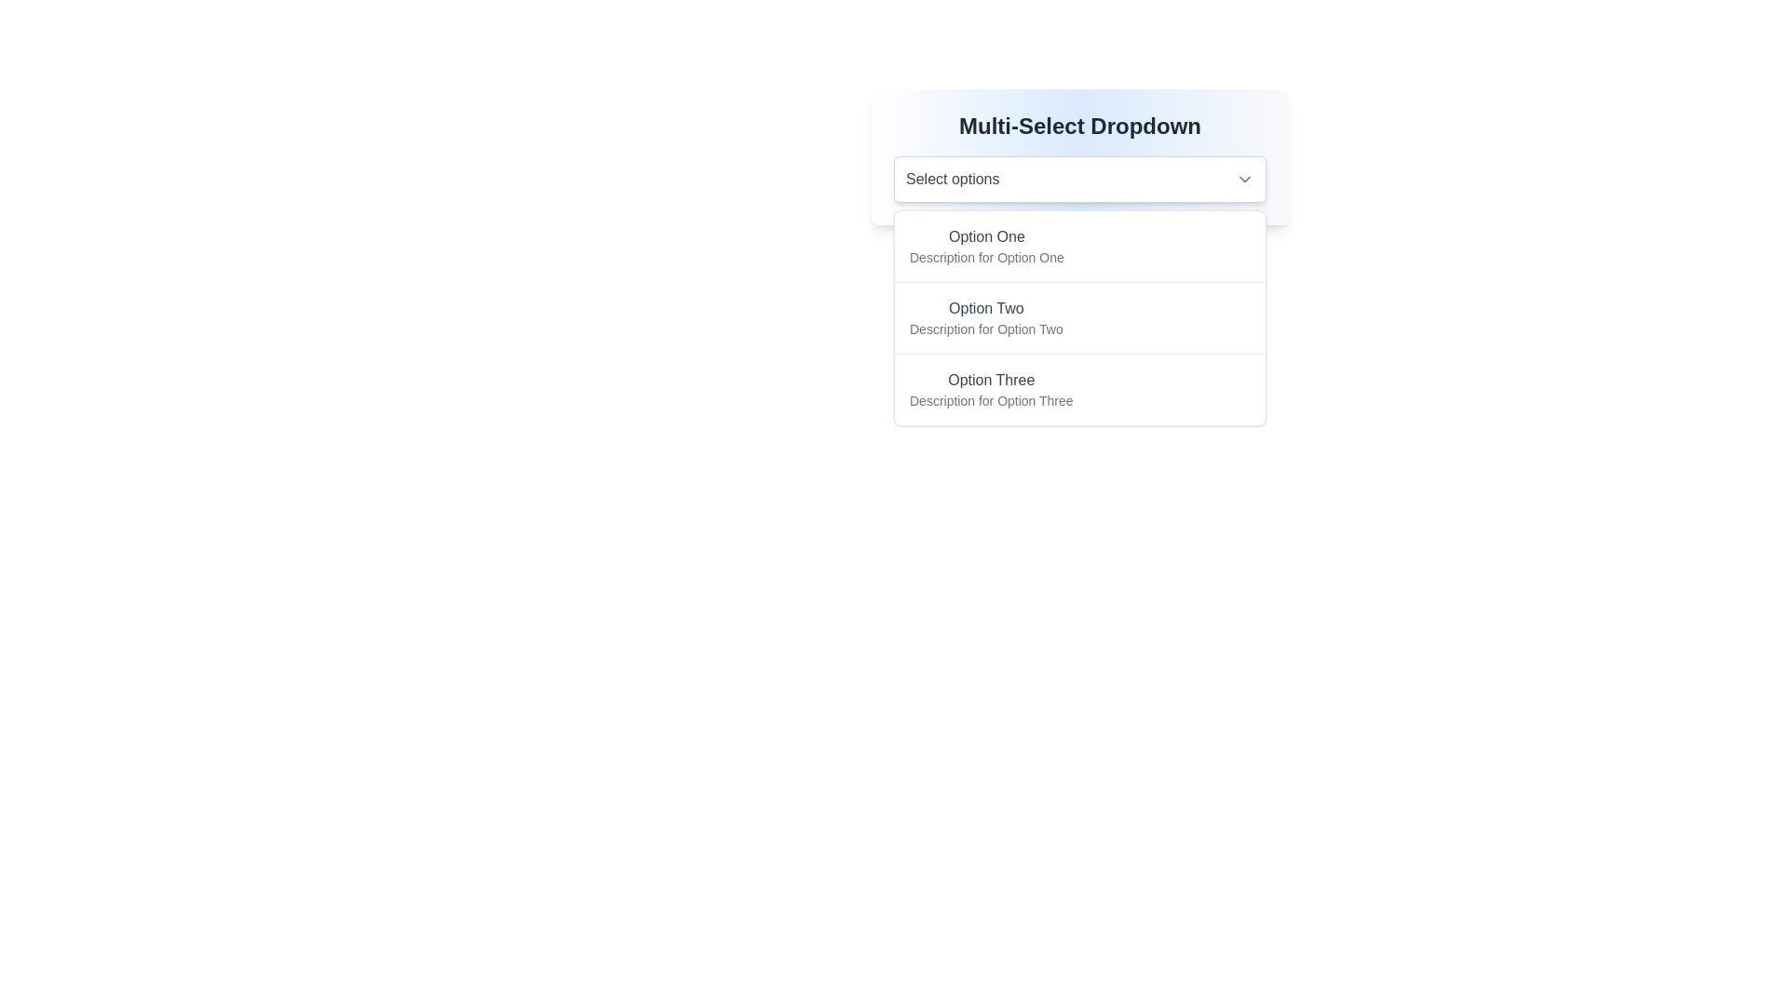 This screenshot has width=1788, height=1005. I want to click on the text label 'Option Three' styled in dark gray font, which is the primary text of the third dropdown option in a dropdown interface, so click(990, 379).